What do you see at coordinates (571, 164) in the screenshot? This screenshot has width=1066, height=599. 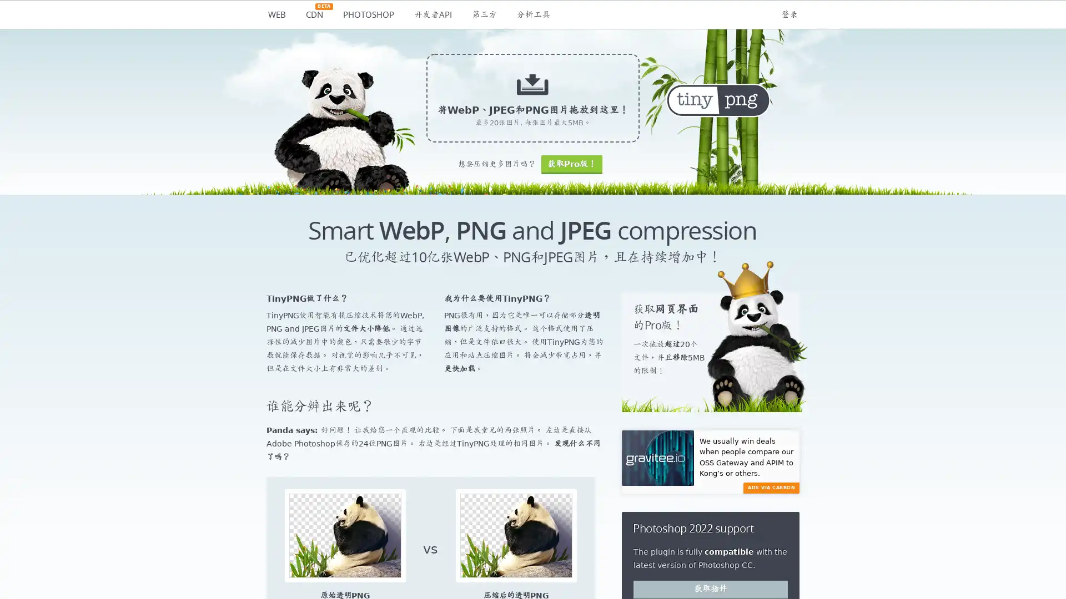 I see `Pro!` at bounding box center [571, 164].